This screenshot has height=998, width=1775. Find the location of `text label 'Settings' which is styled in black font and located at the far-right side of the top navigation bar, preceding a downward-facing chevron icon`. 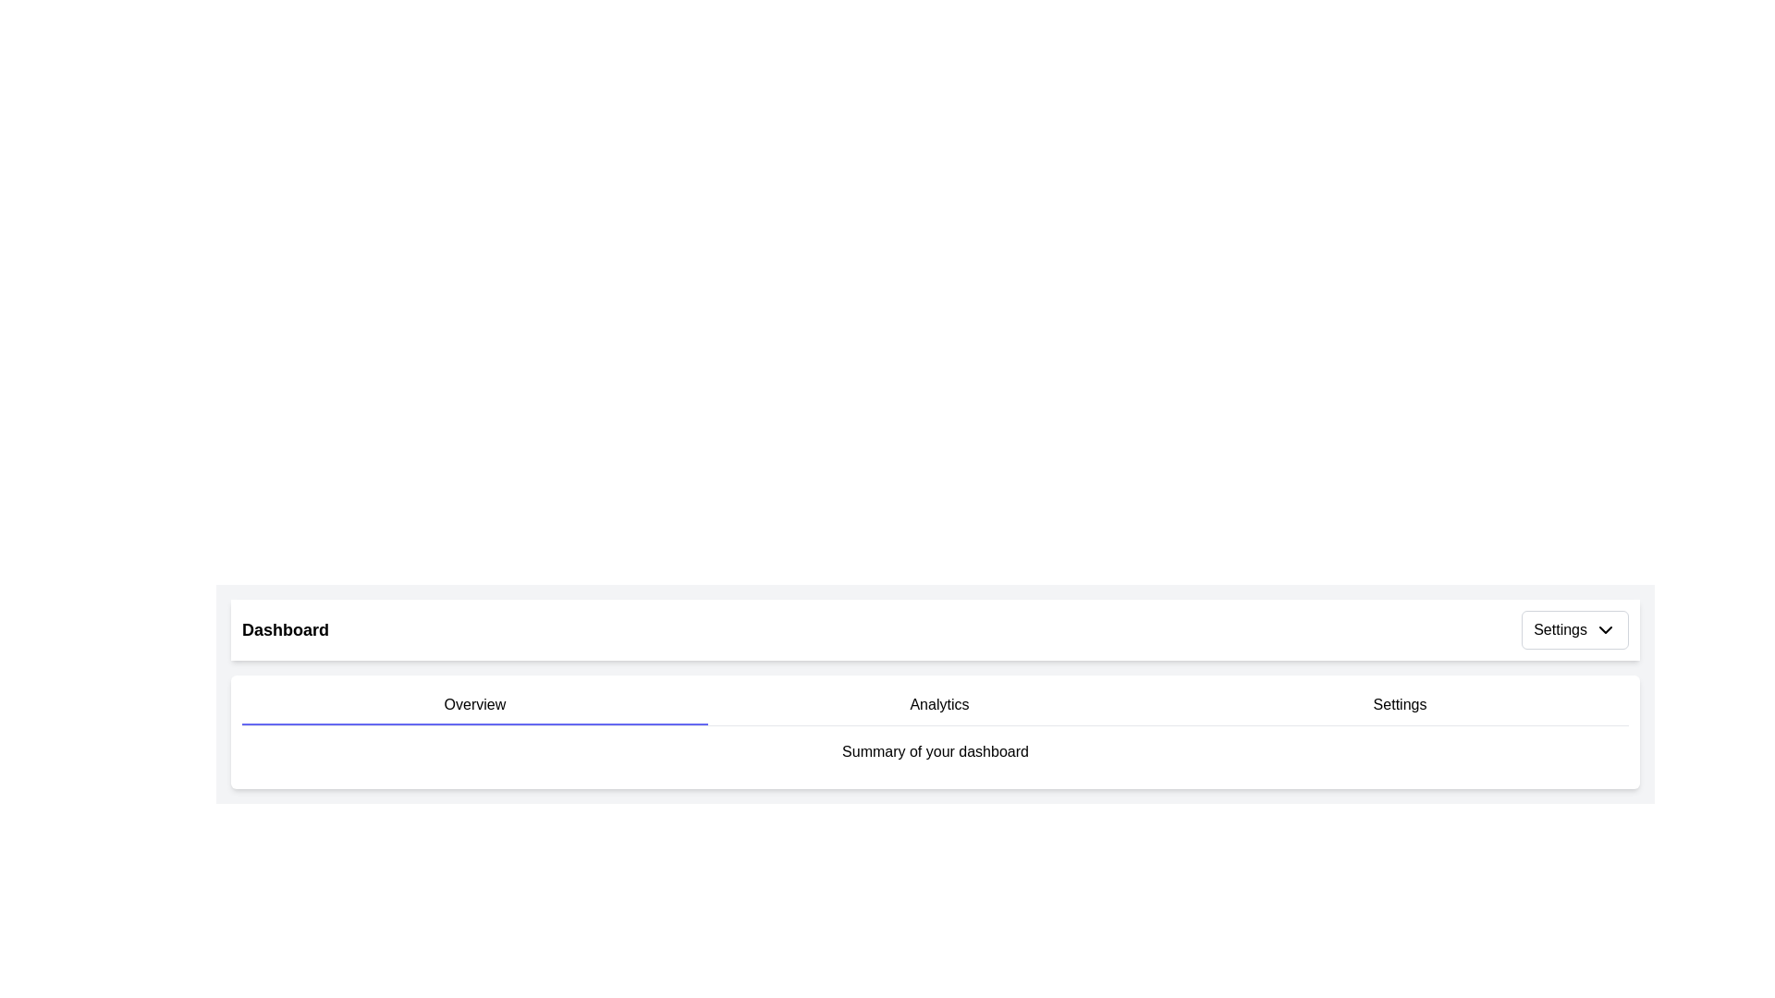

text label 'Settings' which is styled in black font and located at the far-right side of the top navigation bar, preceding a downward-facing chevron icon is located at coordinates (1560, 629).